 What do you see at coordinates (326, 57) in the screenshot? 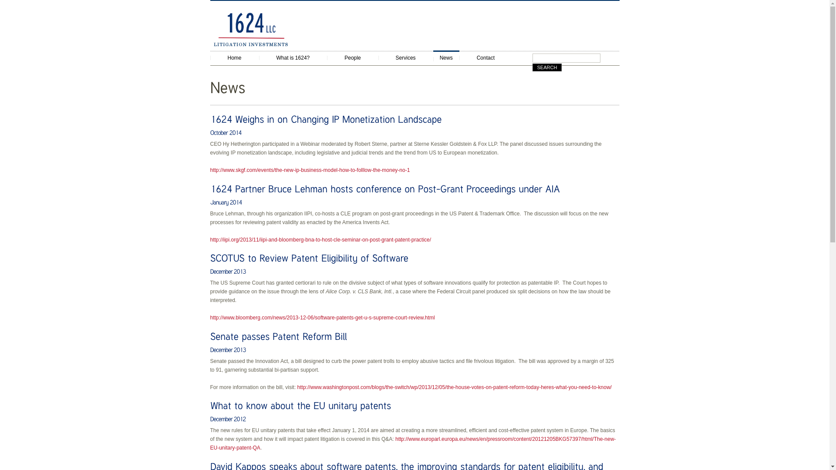
I see `'People'` at bounding box center [326, 57].